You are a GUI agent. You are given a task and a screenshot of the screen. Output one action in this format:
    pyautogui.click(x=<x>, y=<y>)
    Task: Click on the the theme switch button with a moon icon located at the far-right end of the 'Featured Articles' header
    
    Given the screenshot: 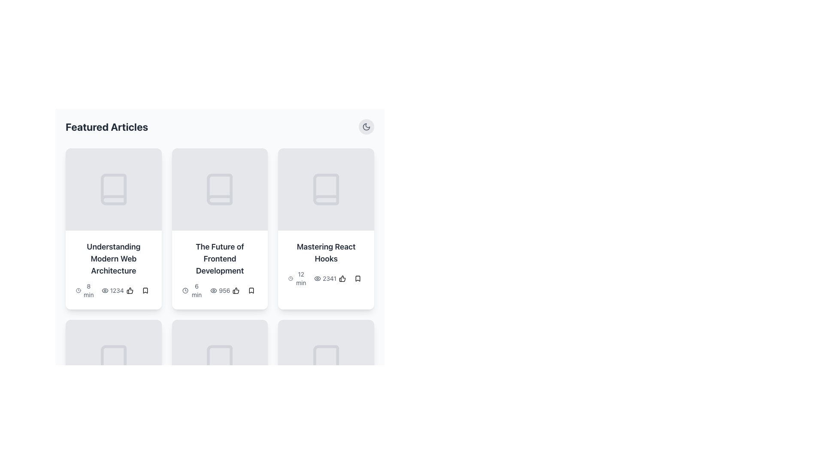 What is the action you would take?
    pyautogui.click(x=367, y=127)
    